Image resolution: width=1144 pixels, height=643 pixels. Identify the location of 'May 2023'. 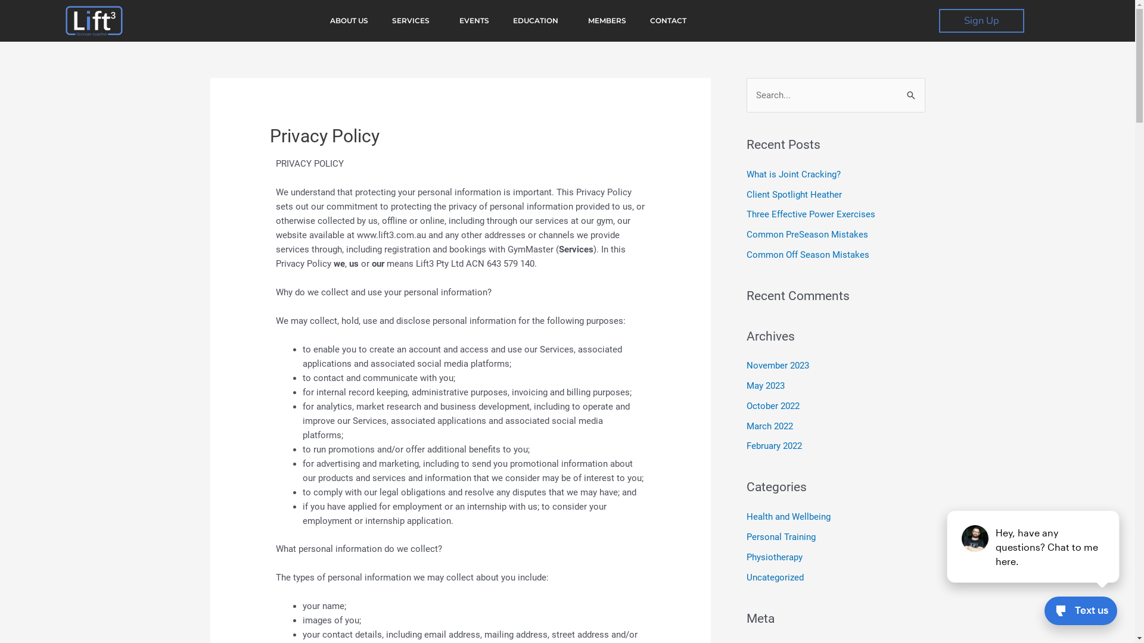
(764, 386).